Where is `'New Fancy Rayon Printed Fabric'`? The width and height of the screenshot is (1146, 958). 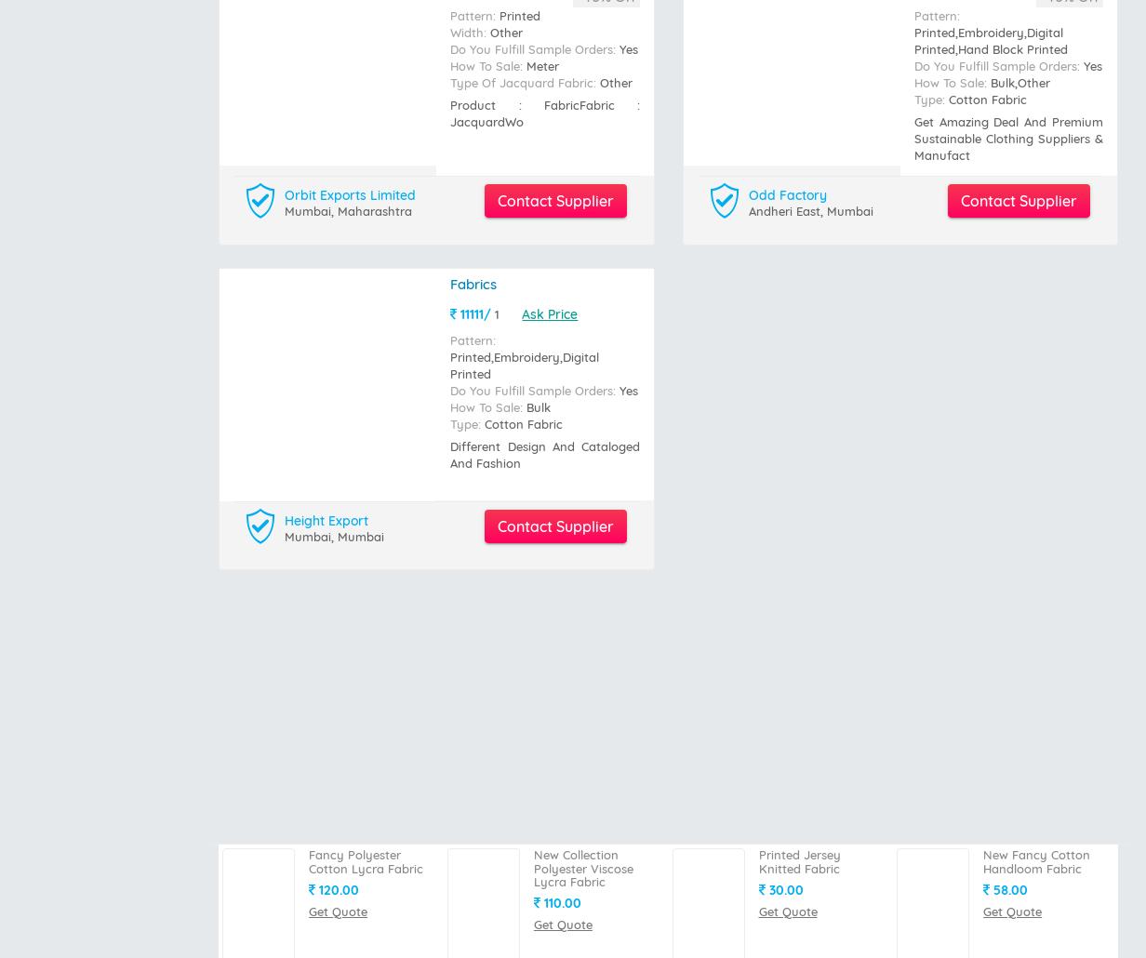
'New Fancy Rayon Printed Fabric' is located at coordinates (586, 585).